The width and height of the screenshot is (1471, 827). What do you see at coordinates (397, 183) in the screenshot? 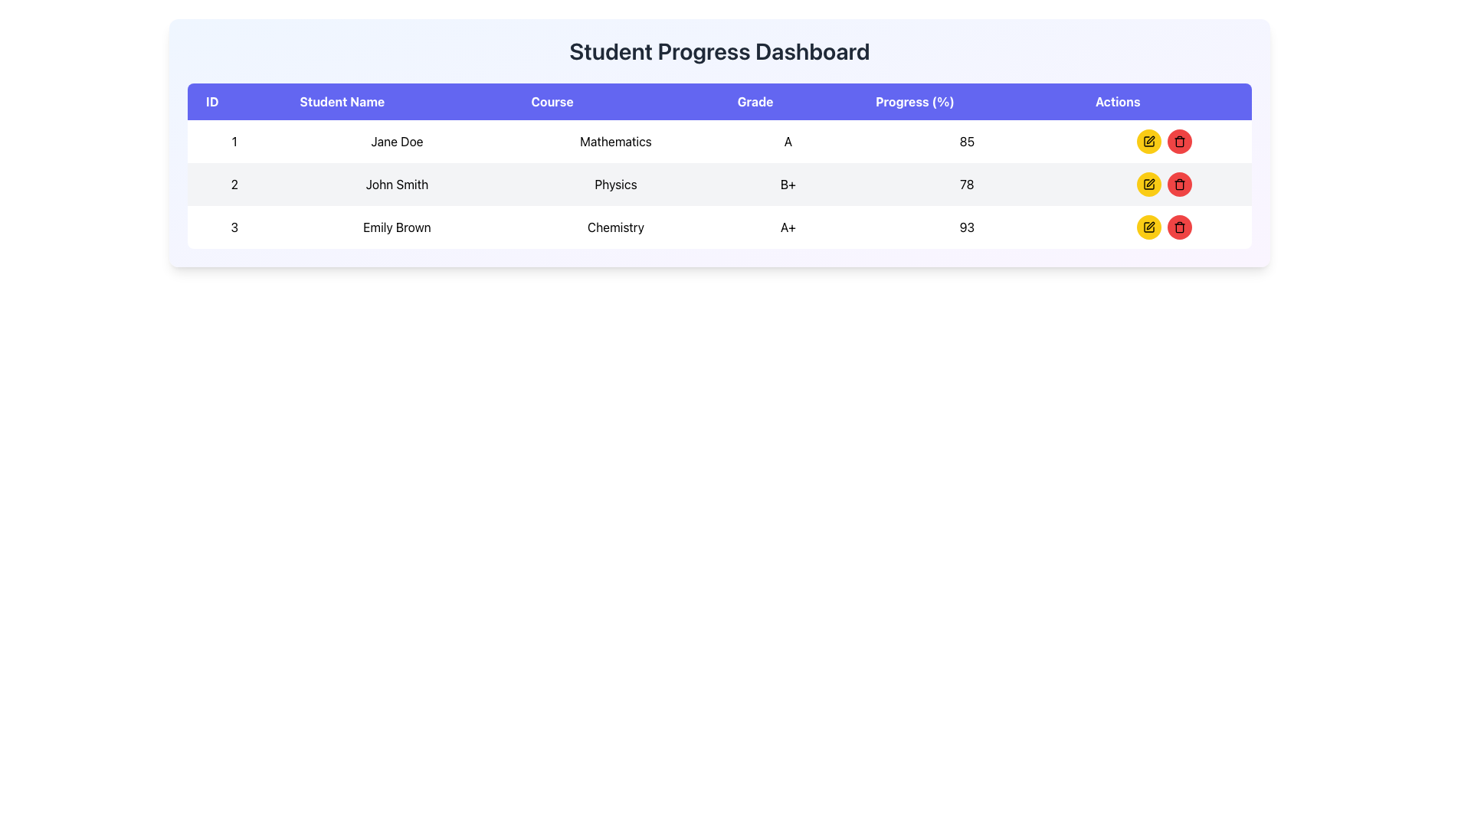
I see `text displayed in the cell representing the student's name, which identifies 'John Smith' in the second row of the table under the 'Student Name' column` at bounding box center [397, 183].